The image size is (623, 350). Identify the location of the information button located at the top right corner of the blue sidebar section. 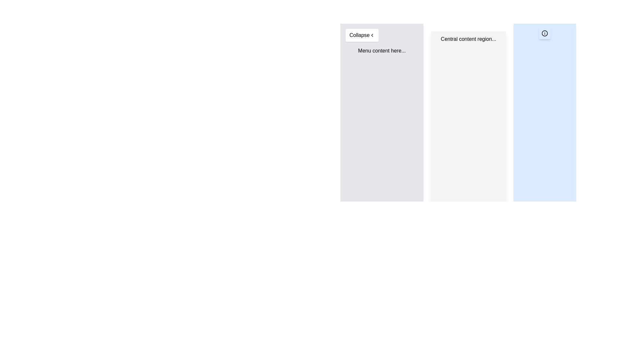
(545, 33).